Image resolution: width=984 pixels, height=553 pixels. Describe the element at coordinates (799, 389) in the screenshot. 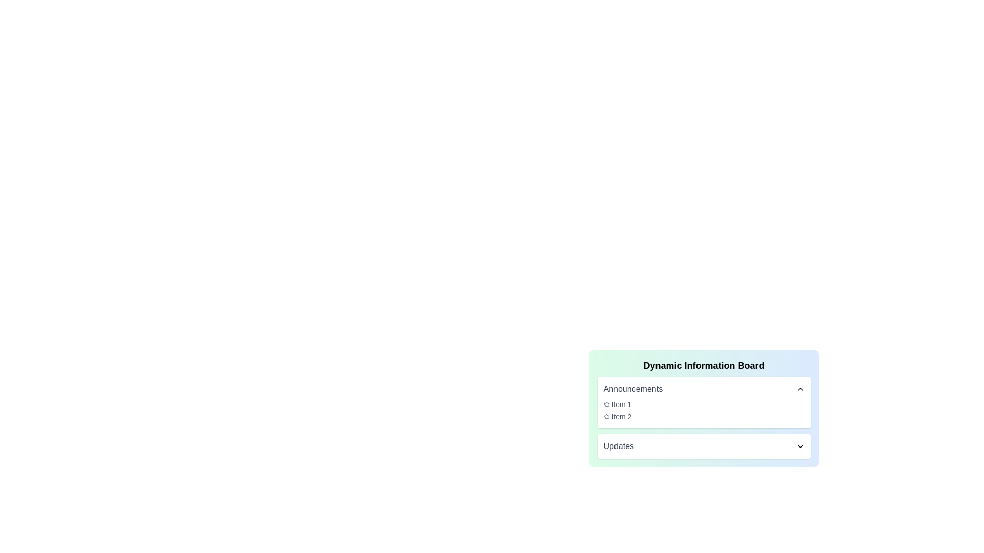

I see `the chevron-up icon to perform its associated action` at that location.